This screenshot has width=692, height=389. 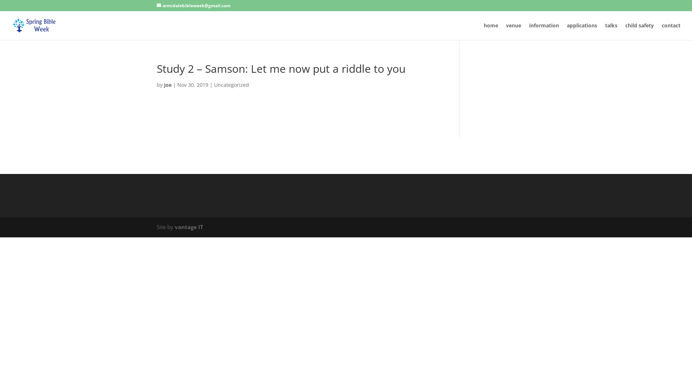 What do you see at coordinates (611, 31) in the screenshot?
I see `'talks'` at bounding box center [611, 31].